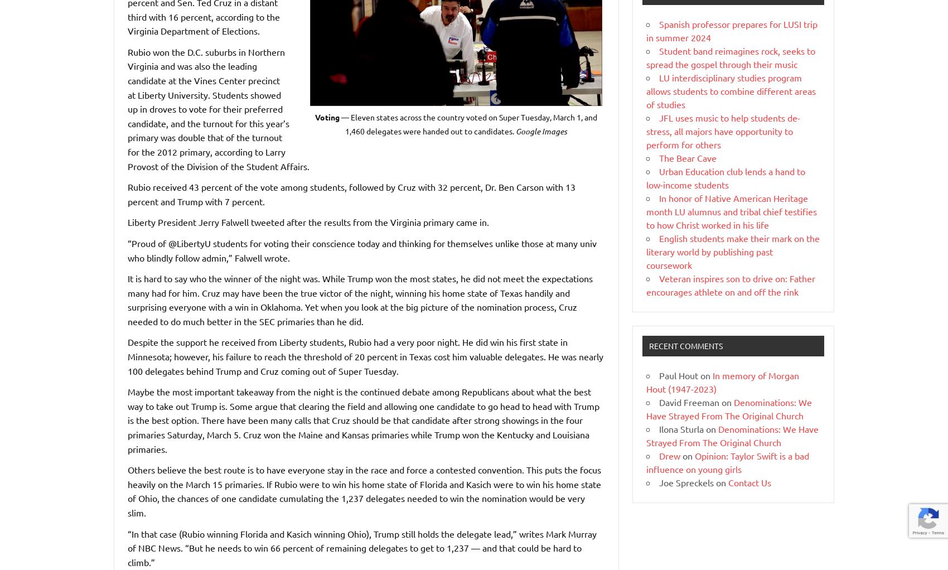 Image resolution: width=948 pixels, height=570 pixels. What do you see at coordinates (659, 401) in the screenshot?
I see `'David Freeman'` at bounding box center [659, 401].